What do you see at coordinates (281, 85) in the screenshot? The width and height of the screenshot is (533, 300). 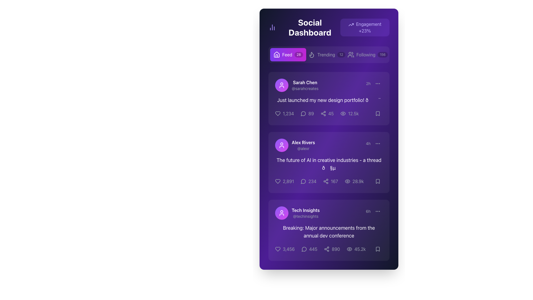 I see `the Avatar representing the user 'Sarah Chen', located at the top-left of the card labeled with 'Sarah Chen' and '@sarahcreates'` at bounding box center [281, 85].